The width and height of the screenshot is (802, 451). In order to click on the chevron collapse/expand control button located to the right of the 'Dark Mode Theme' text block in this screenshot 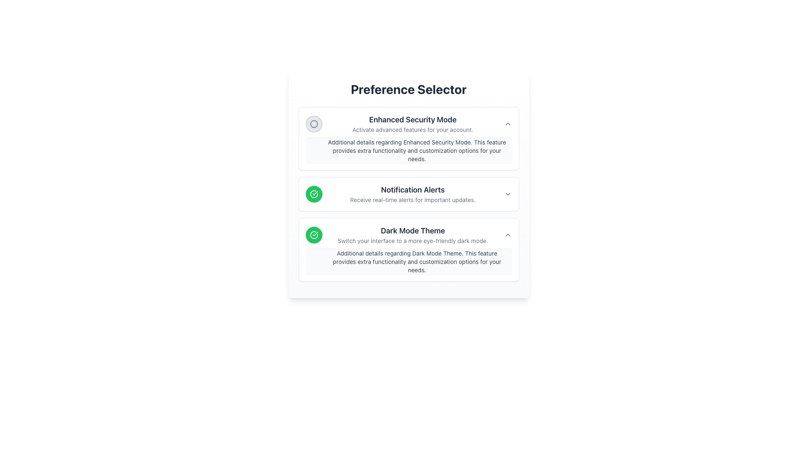, I will do `click(507, 235)`.